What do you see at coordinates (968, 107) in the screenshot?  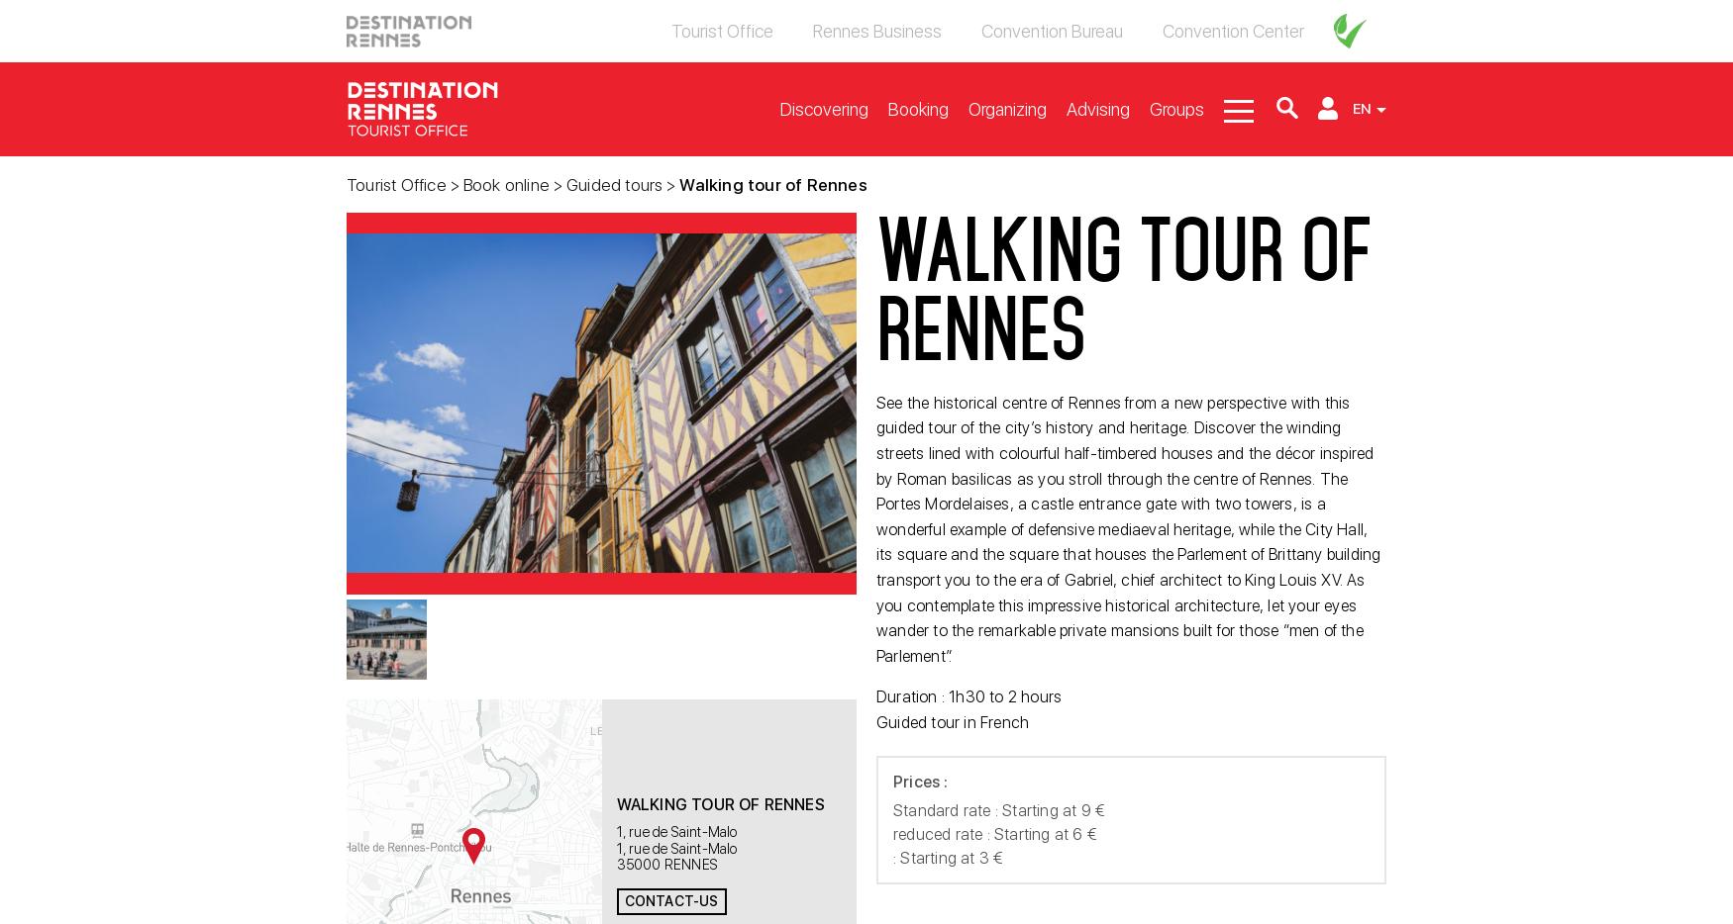 I see `'Organizing'` at bounding box center [968, 107].